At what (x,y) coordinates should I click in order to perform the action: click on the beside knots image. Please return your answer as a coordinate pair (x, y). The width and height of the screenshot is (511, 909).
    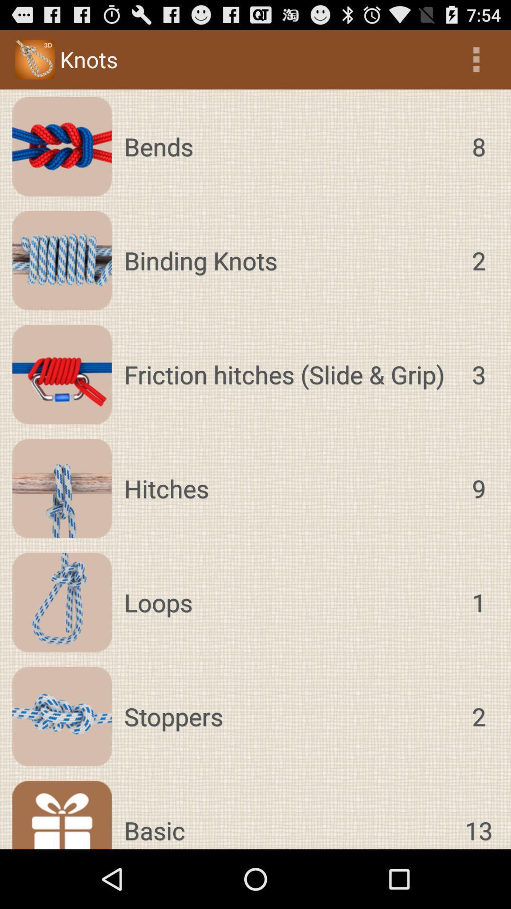
    Looking at the image, I should click on (34, 59).